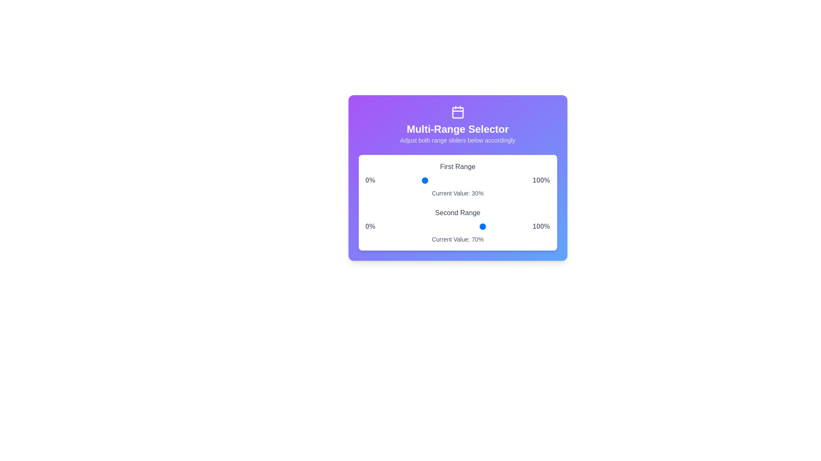 This screenshot has width=821, height=461. I want to click on the slider value, so click(484, 180).